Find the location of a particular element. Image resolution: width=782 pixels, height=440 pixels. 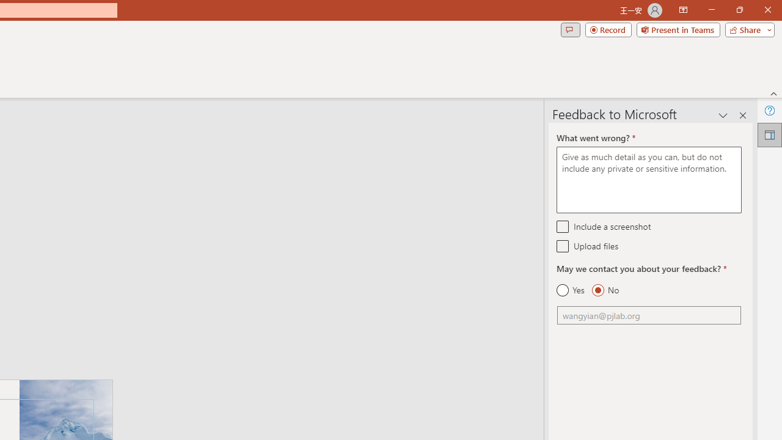

'Email' is located at coordinates (648, 315).